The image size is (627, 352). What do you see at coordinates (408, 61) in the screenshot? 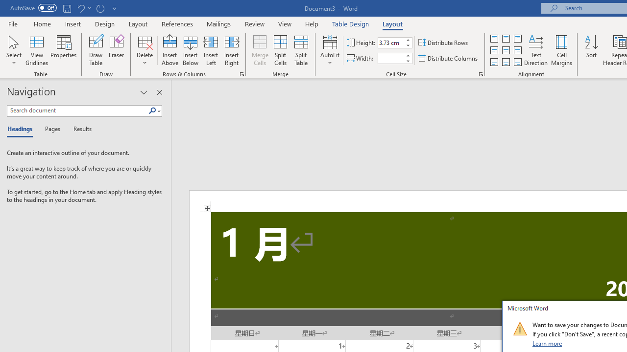
I see `'Less'` at bounding box center [408, 61].